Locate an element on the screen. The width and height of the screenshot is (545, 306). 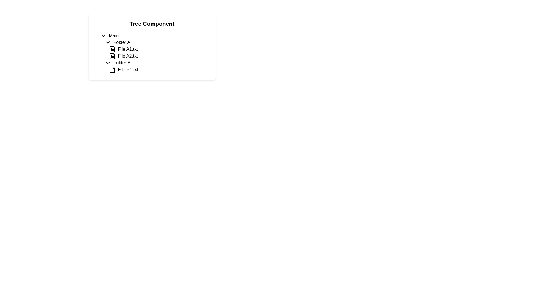
the Chevron icon located to the left of the 'Main' section in the hierarchical tree is located at coordinates (103, 36).